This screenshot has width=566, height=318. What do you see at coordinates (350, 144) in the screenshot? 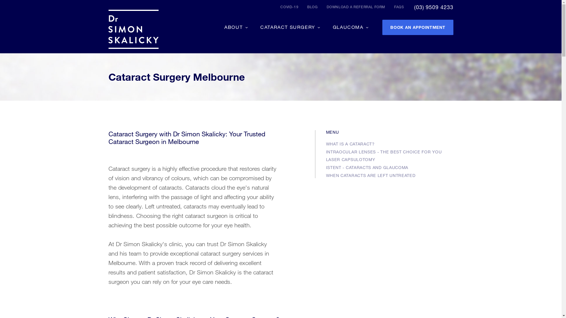
I see `'WHAT IS A CATARACT?'` at bounding box center [350, 144].